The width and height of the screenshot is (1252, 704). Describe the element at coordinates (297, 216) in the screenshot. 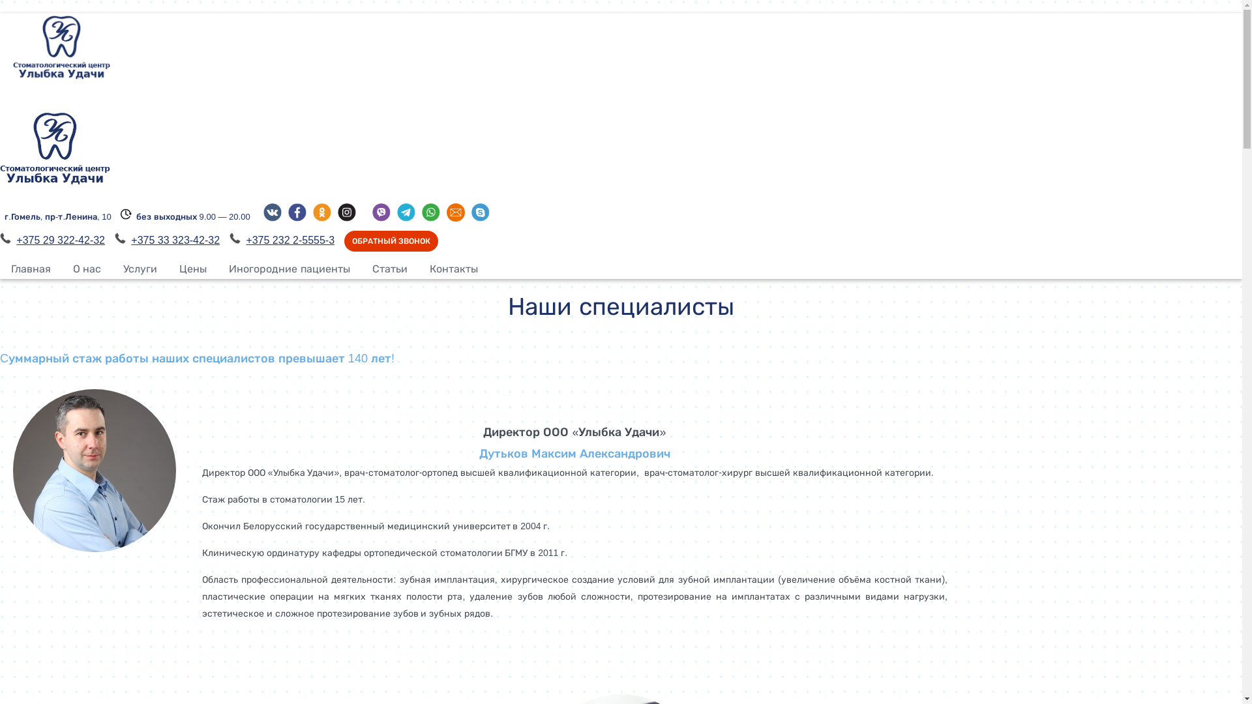

I see `'Facebook'` at that location.